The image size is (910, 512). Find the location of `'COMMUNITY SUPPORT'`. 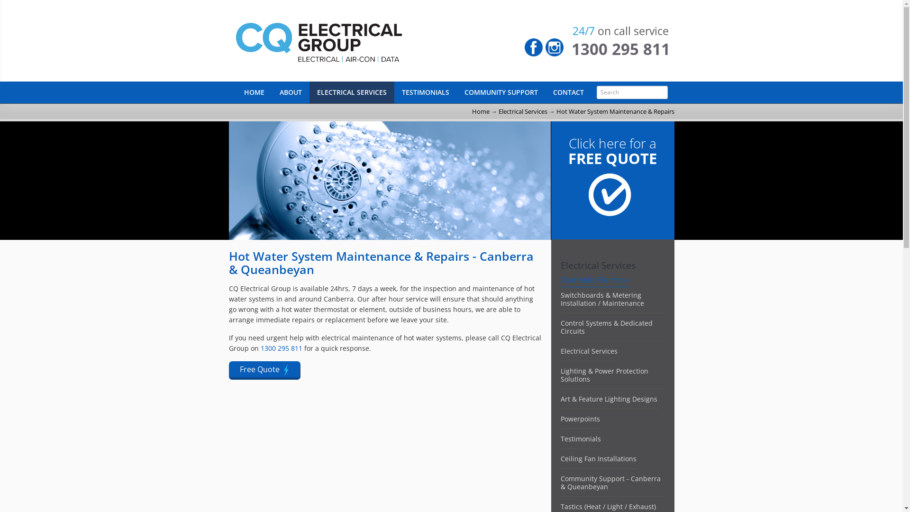

'COMMUNITY SUPPORT' is located at coordinates (500, 92).